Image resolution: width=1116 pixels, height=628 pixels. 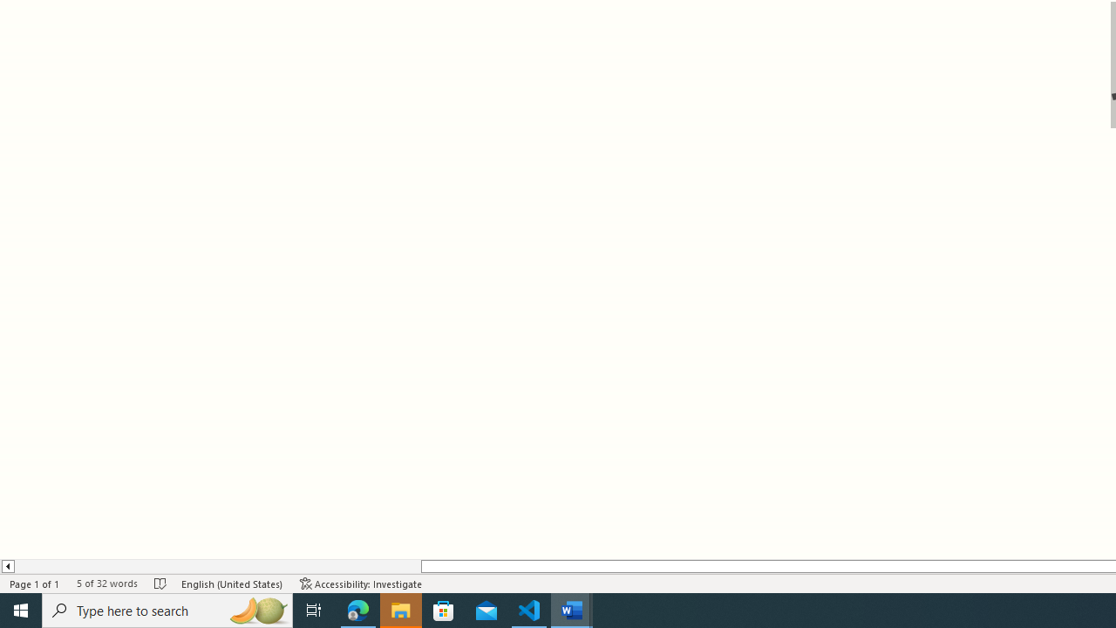 I want to click on 'Accessibility Checker Accessibility: Investigate', so click(x=360, y=584).